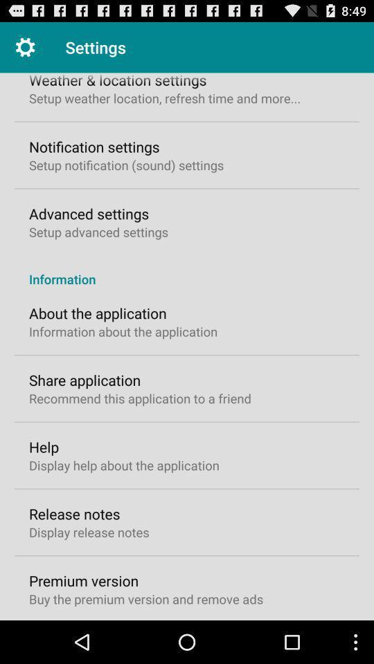 The image size is (374, 664). Describe the element at coordinates (124, 465) in the screenshot. I see `the display help about item` at that location.